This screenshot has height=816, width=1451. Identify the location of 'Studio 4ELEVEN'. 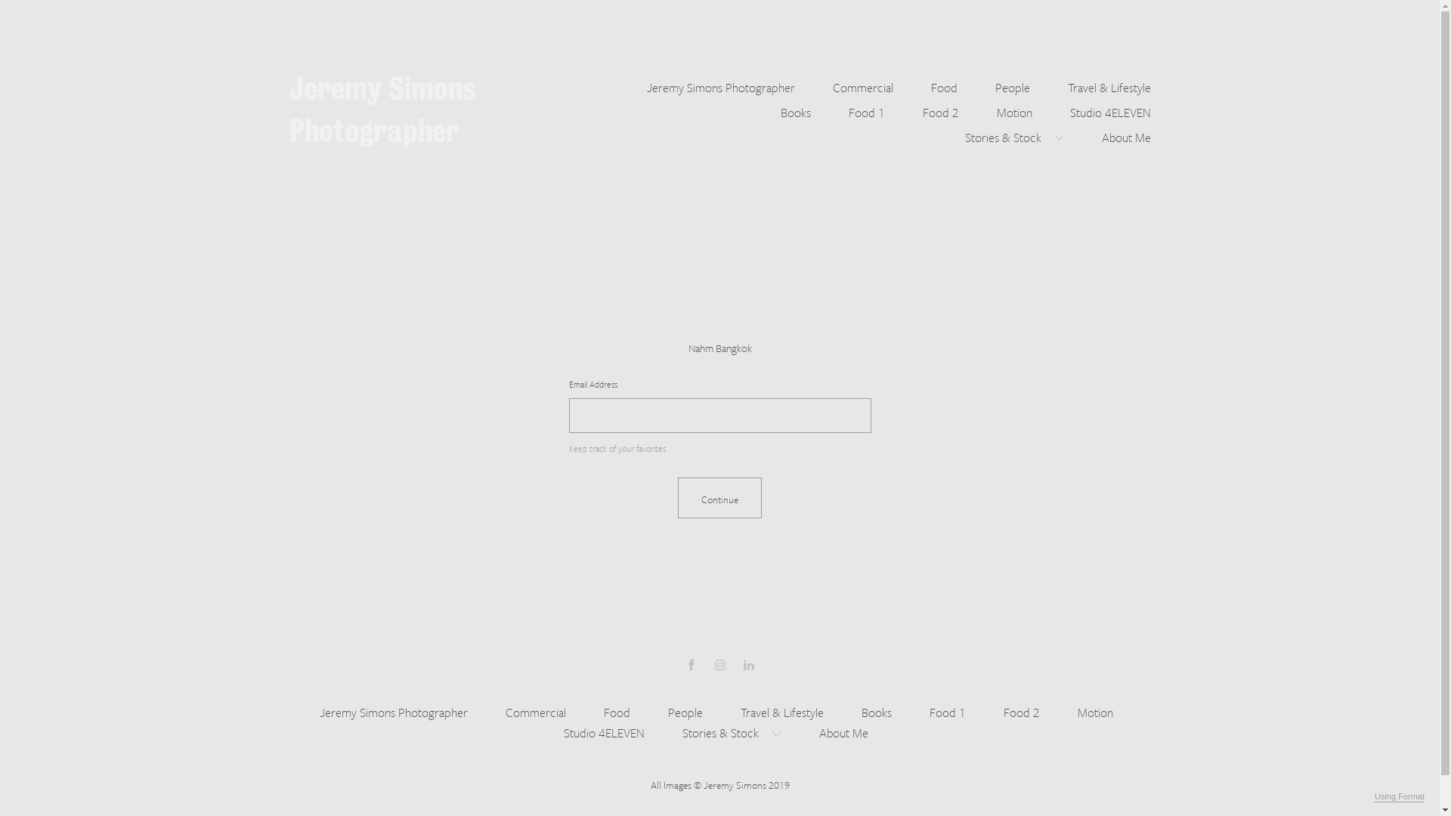
(562, 730).